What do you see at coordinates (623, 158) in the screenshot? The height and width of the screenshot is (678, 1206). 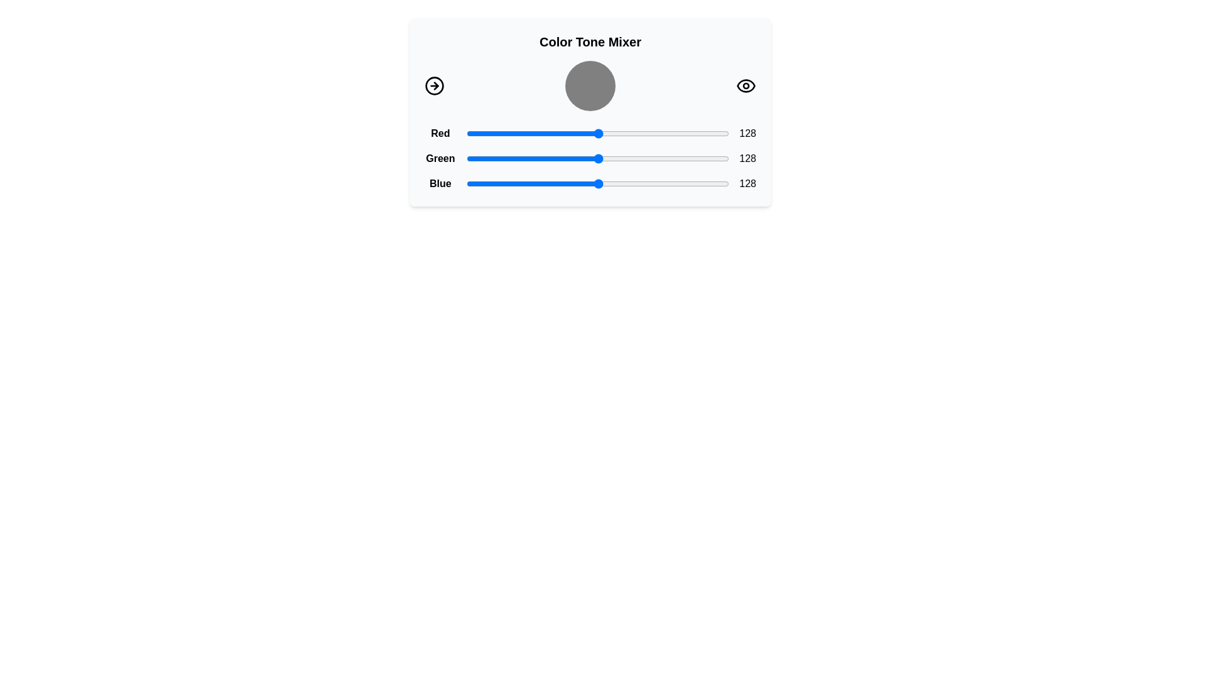 I see `green color intensity` at bounding box center [623, 158].